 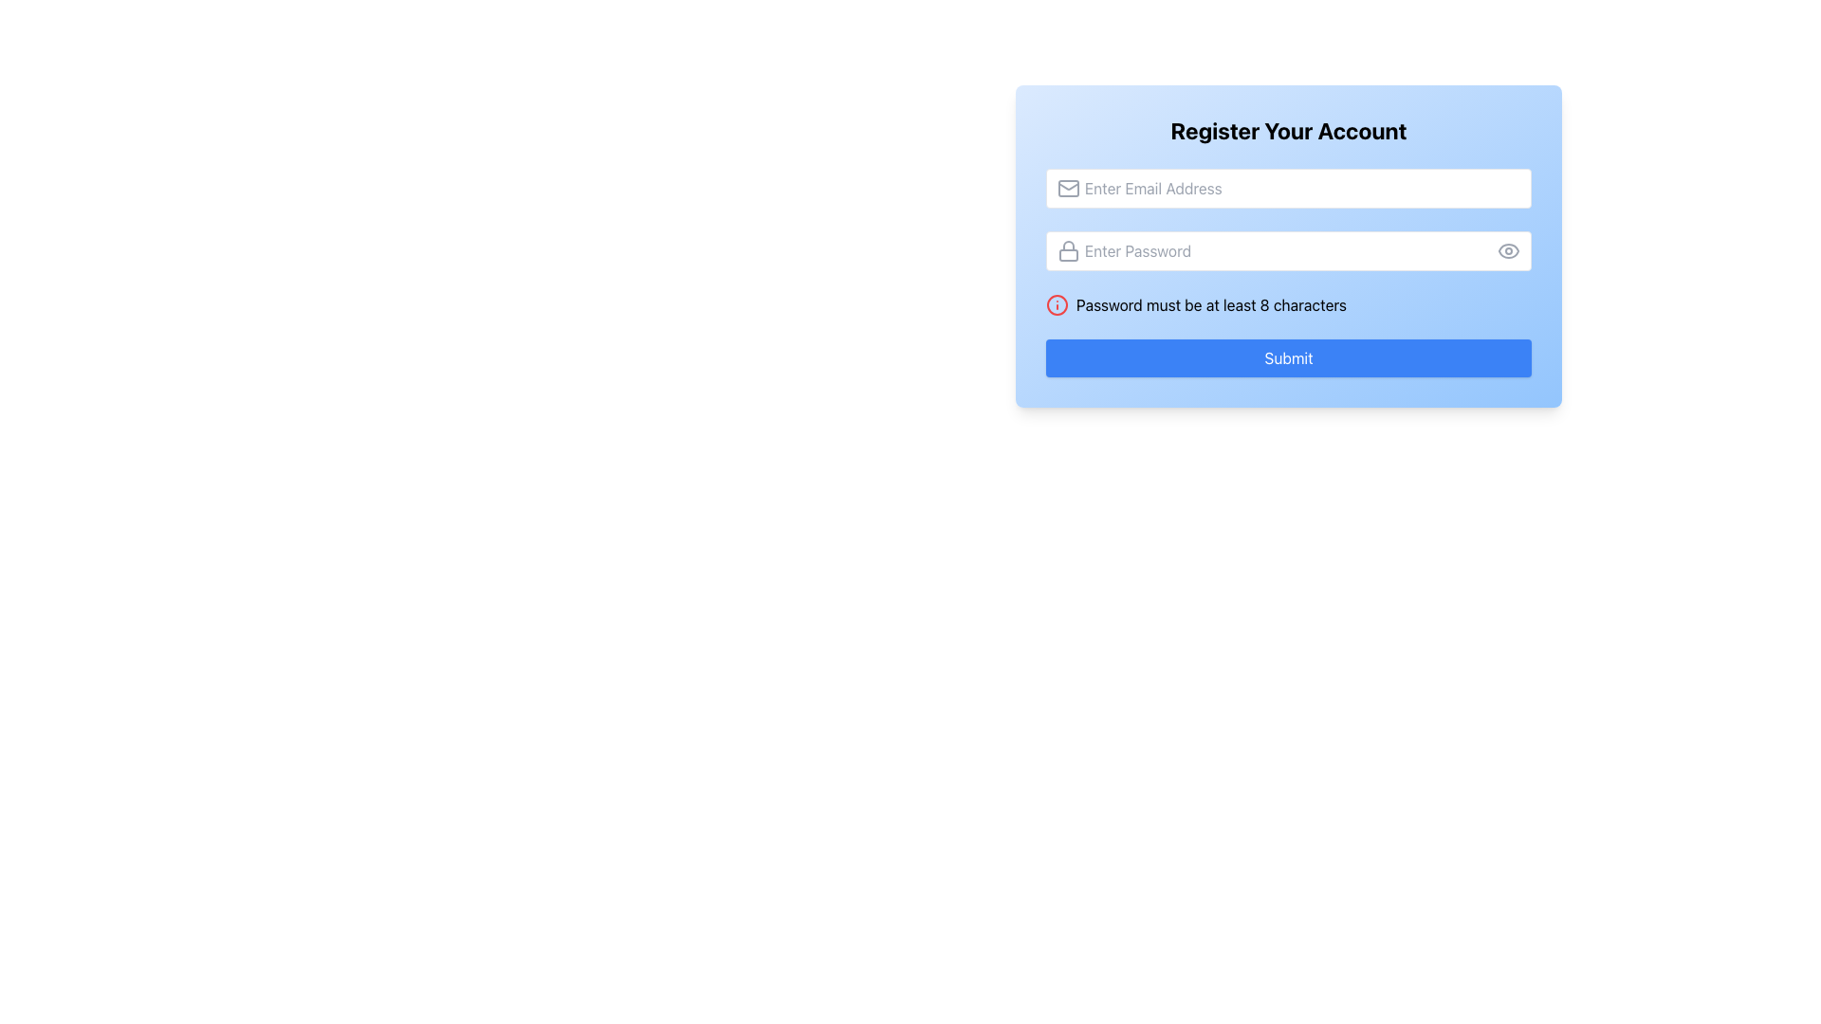 What do you see at coordinates (1069, 189) in the screenshot?
I see `the gray envelope icon located to the left of the 'Enter Email Address' input field in the 'Register Your Account' form` at bounding box center [1069, 189].